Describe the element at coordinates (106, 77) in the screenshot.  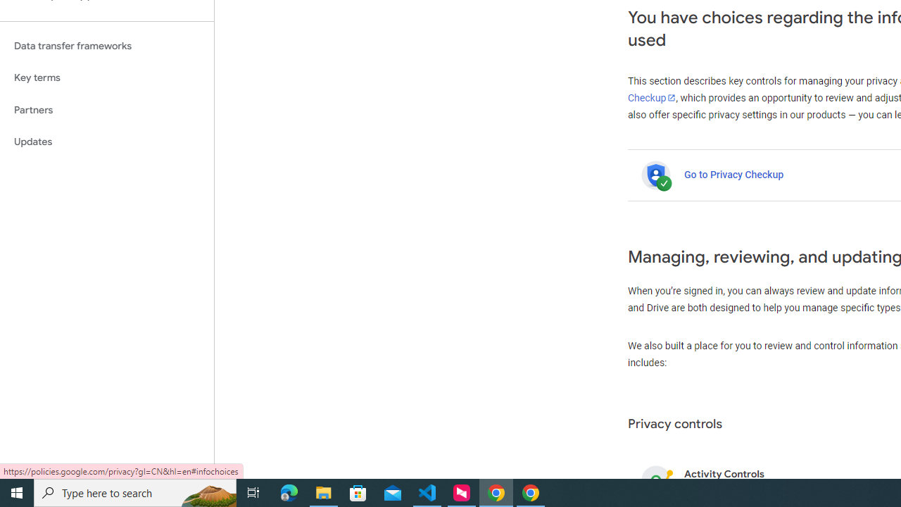
I see `'Key terms'` at that location.